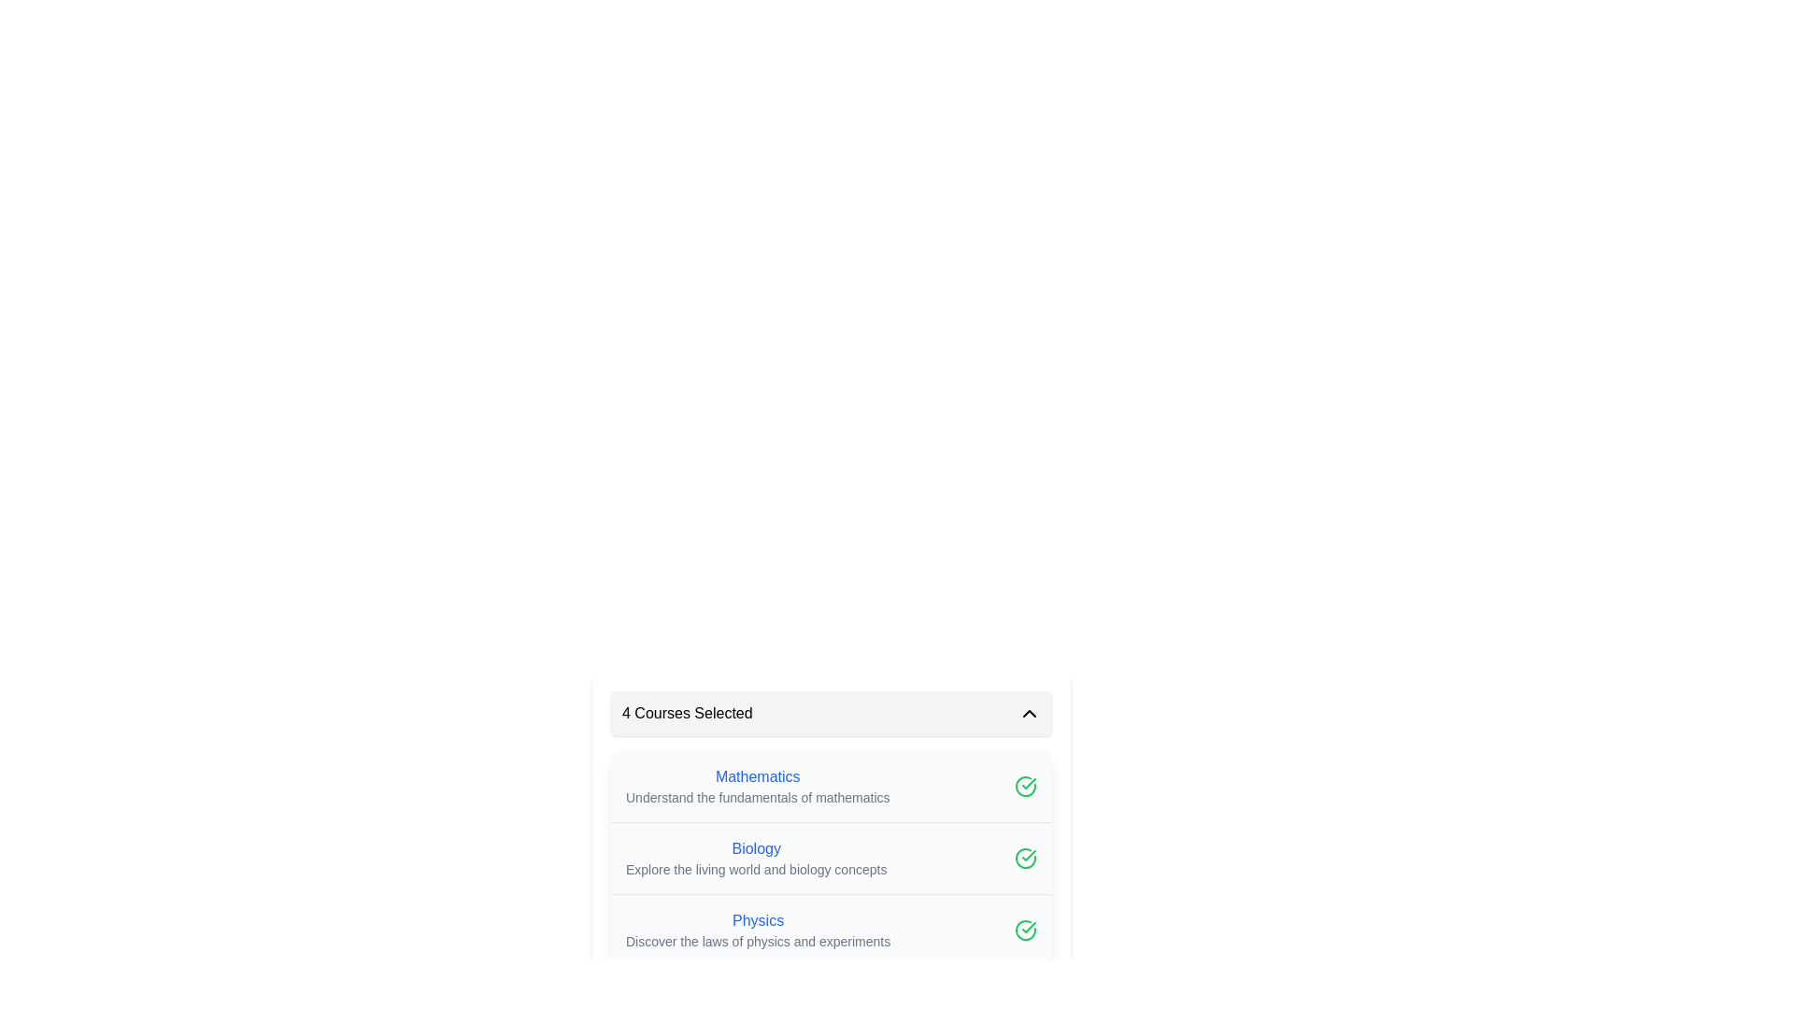 The width and height of the screenshot is (1794, 1009). Describe the element at coordinates (1028, 784) in the screenshot. I see `the checkmark icon within the circular green icon indicating the confirmation for the 'Biology' section in the '4 Courses Selected' dropdown menu` at that location.